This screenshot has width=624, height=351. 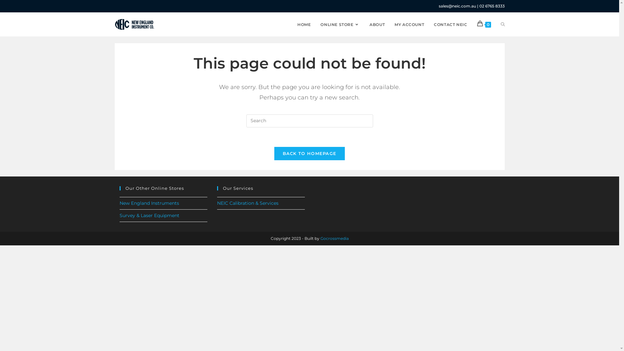 What do you see at coordinates (491, 6) in the screenshot?
I see `'02 6765 8333'` at bounding box center [491, 6].